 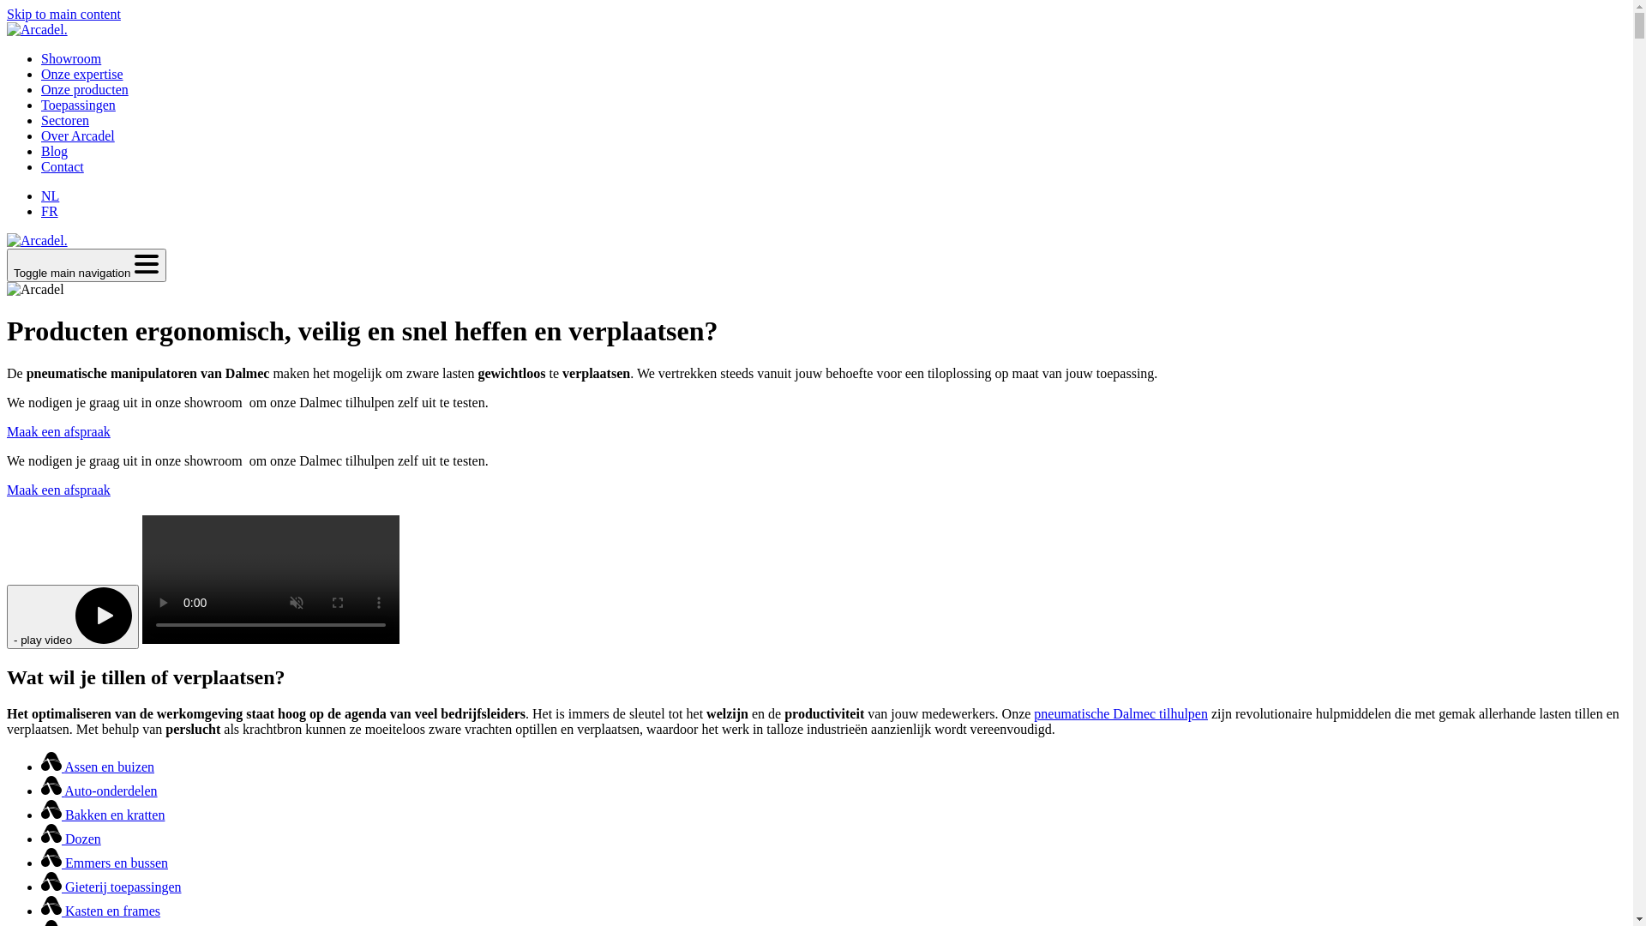 I want to click on 'Onze producten', so click(x=84, y=89).